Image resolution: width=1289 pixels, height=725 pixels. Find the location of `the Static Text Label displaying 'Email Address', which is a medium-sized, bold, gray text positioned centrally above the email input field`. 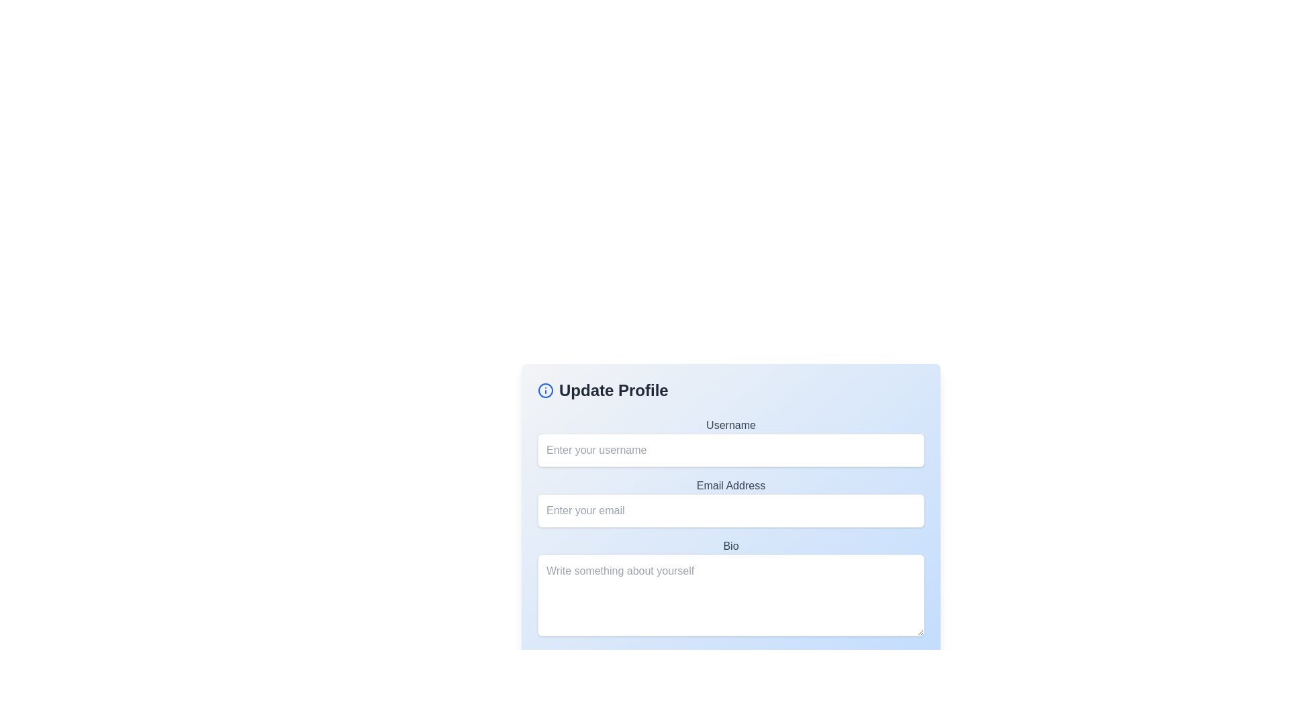

the Static Text Label displaying 'Email Address', which is a medium-sized, bold, gray text positioned centrally above the email input field is located at coordinates (730, 486).